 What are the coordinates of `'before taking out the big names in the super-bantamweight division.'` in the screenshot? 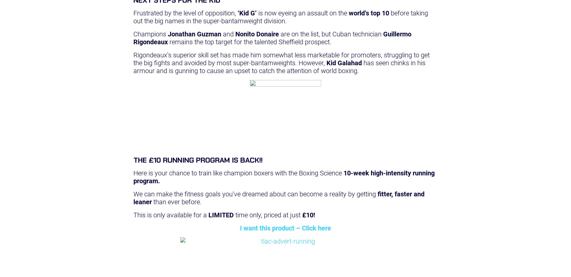 It's located at (281, 16).